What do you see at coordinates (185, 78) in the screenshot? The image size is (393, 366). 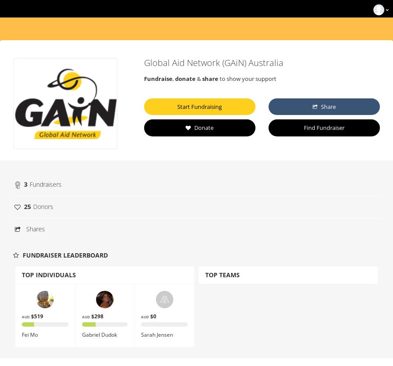 I see `'donate'` at bounding box center [185, 78].